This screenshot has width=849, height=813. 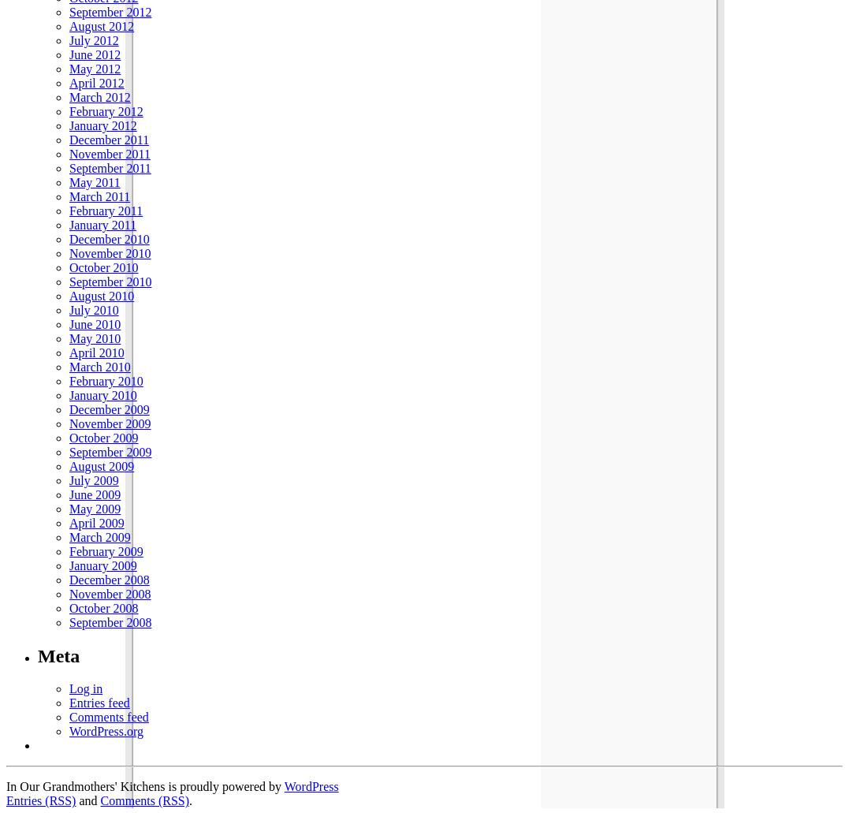 What do you see at coordinates (109, 578) in the screenshot?
I see `'December 2008'` at bounding box center [109, 578].